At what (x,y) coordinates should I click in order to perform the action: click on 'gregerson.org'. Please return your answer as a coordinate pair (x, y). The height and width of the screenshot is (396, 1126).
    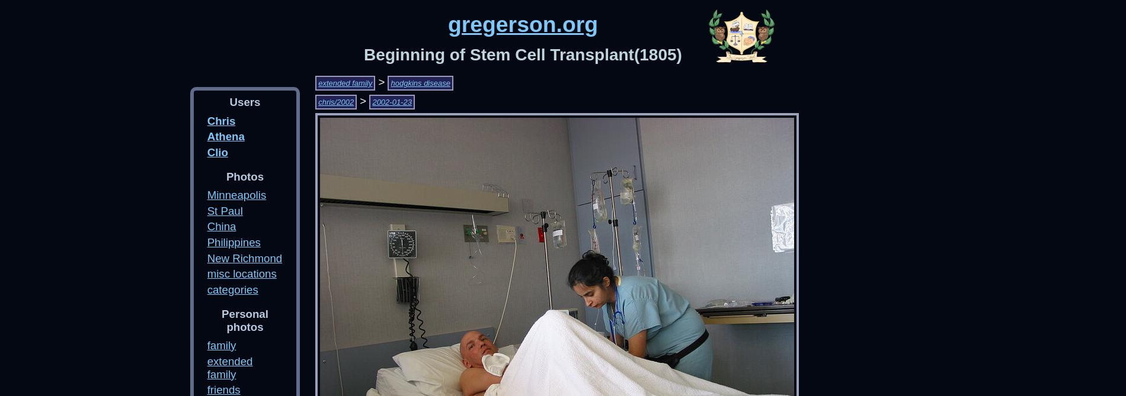
    Looking at the image, I should click on (447, 24).